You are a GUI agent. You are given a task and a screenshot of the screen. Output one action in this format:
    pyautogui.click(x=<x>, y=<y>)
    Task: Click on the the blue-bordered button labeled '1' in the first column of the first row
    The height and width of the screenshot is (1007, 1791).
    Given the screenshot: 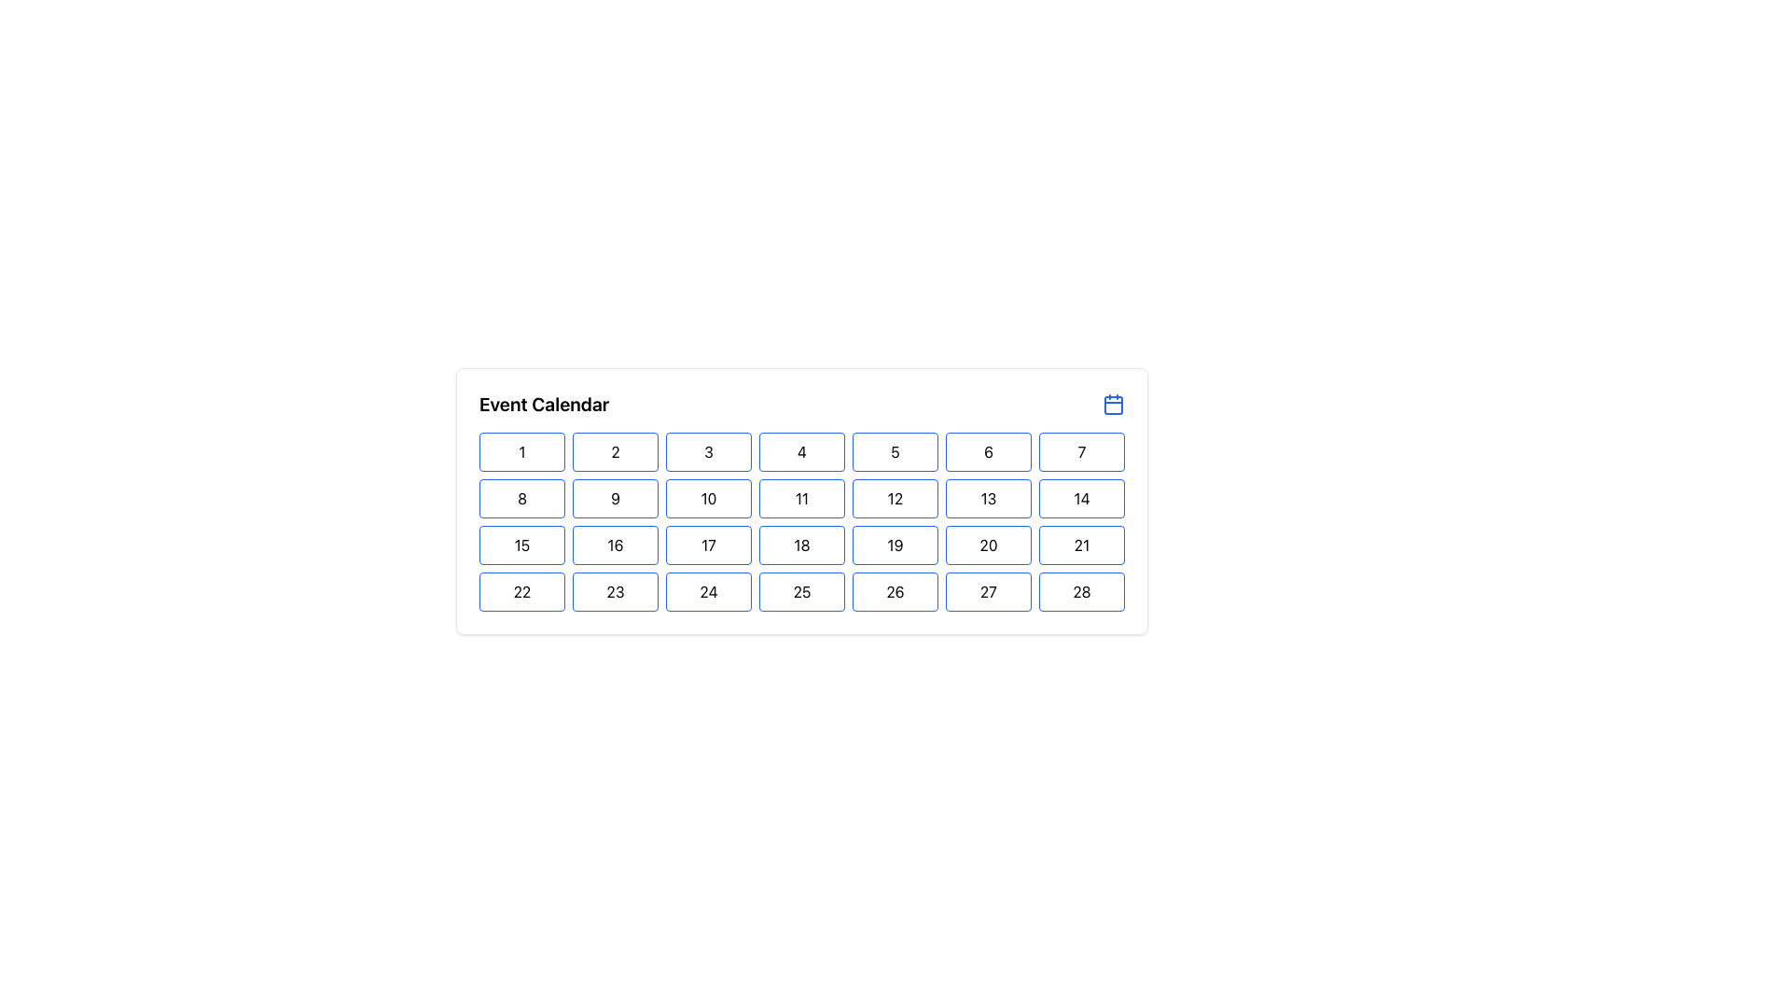 What is the action you would take?
    pyautogui.click(x=522, y=452)
    